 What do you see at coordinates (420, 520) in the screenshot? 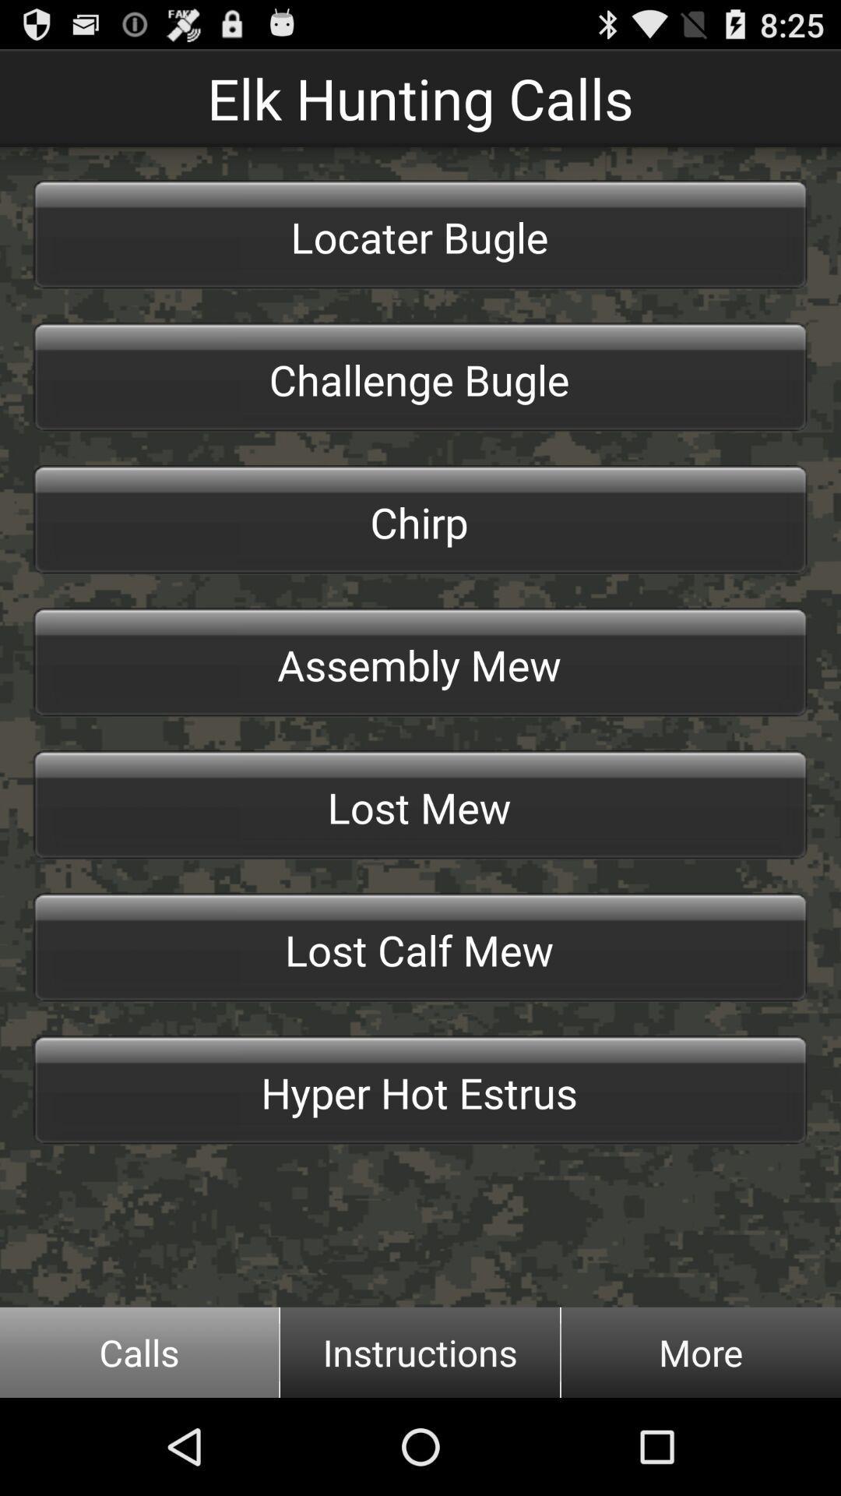
I see `the item above the assembly mew` at bounding box center [420, 520].